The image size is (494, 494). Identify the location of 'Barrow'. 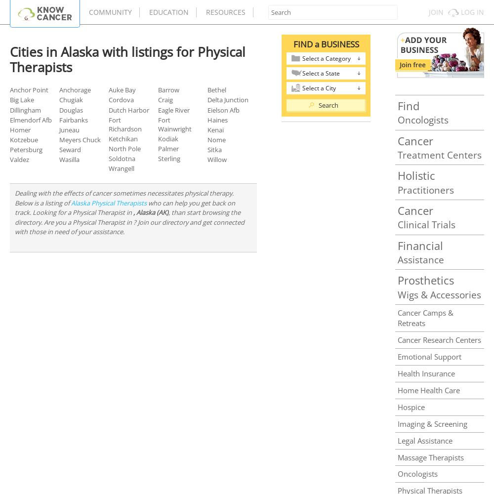
(168, 90).